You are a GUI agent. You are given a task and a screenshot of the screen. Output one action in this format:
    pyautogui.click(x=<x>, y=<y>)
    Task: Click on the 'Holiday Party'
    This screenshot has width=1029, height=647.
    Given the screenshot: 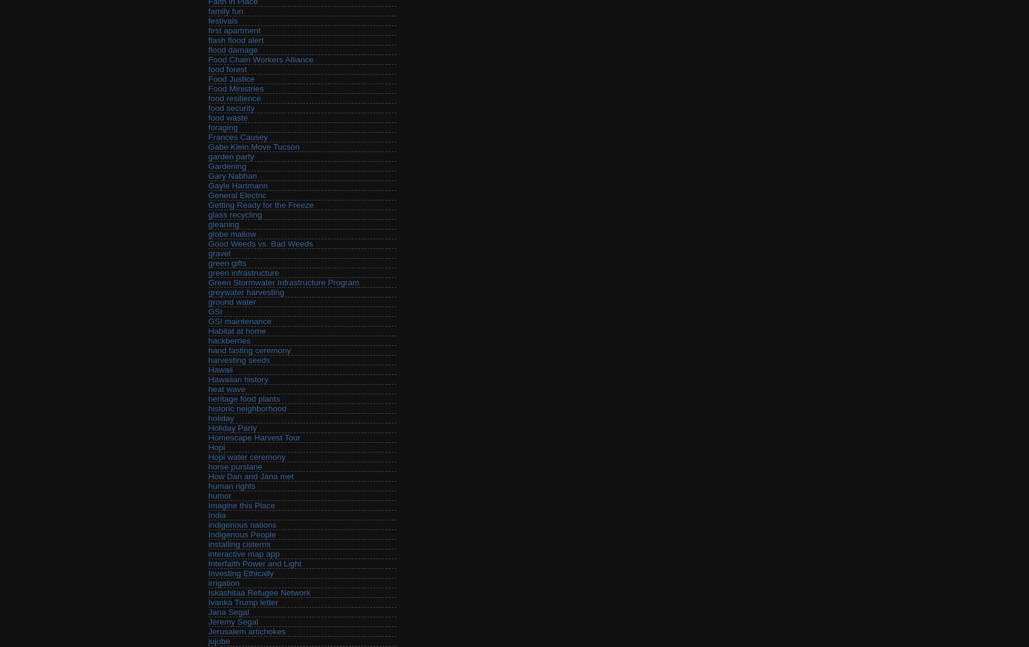 What is the action you would take?
    pyautogui.click(x=232, y=428)
    